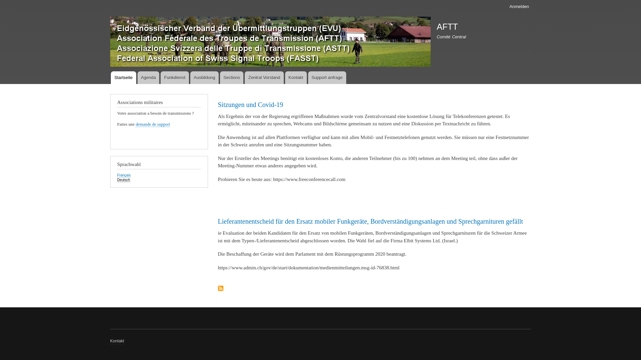  What do you see at coordinates (117, 341) in the screenshot?
I see `'Kontakt'` at bounding box center [117, 341].